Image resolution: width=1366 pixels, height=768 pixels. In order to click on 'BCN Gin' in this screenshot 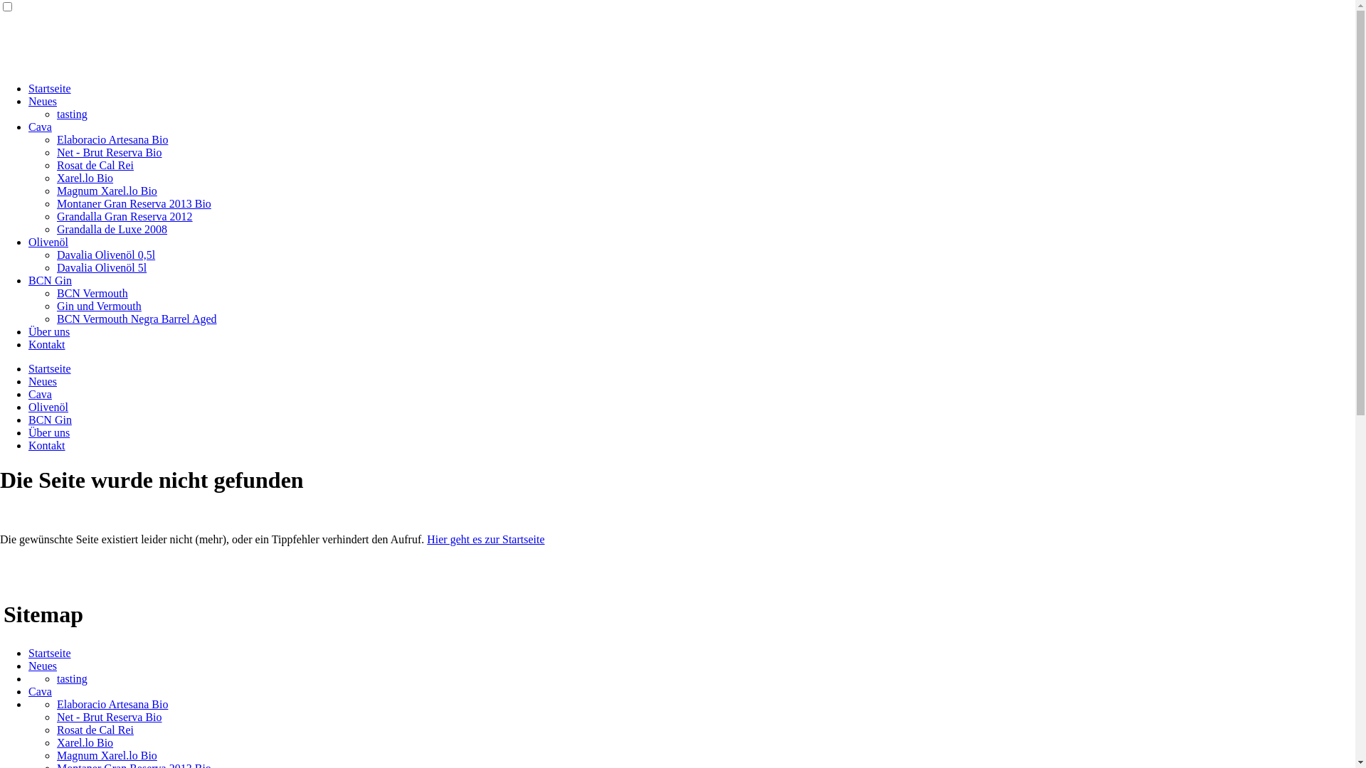, I will do `click(50, 419)`.